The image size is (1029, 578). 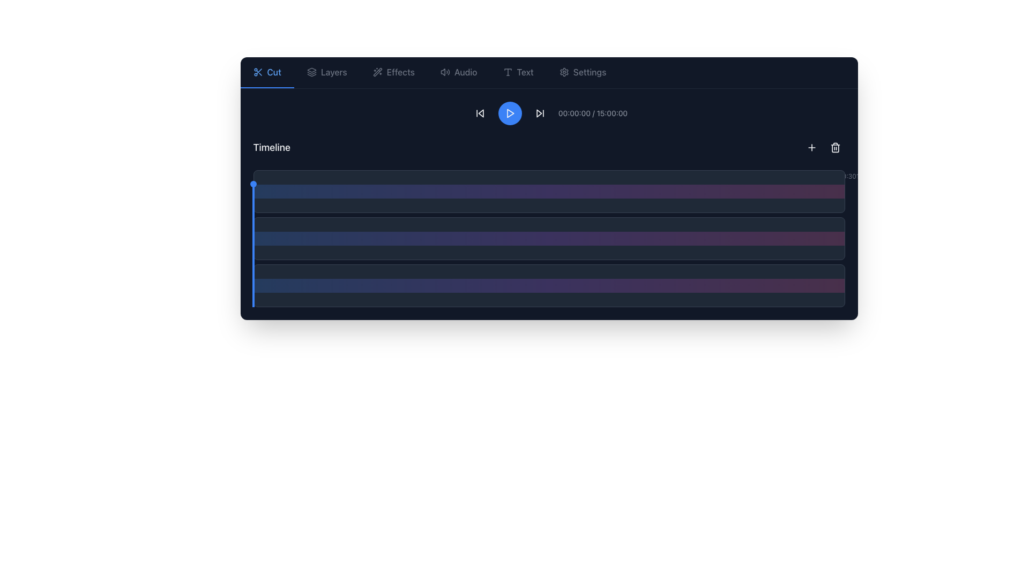 What do you see at coordinates (311, 72) in the screenshot?
I see `the Layers menu icon located to the left of the text 'Layers' in the main navigation toolbar at the top of the interface` at bounding box center [311, 72].